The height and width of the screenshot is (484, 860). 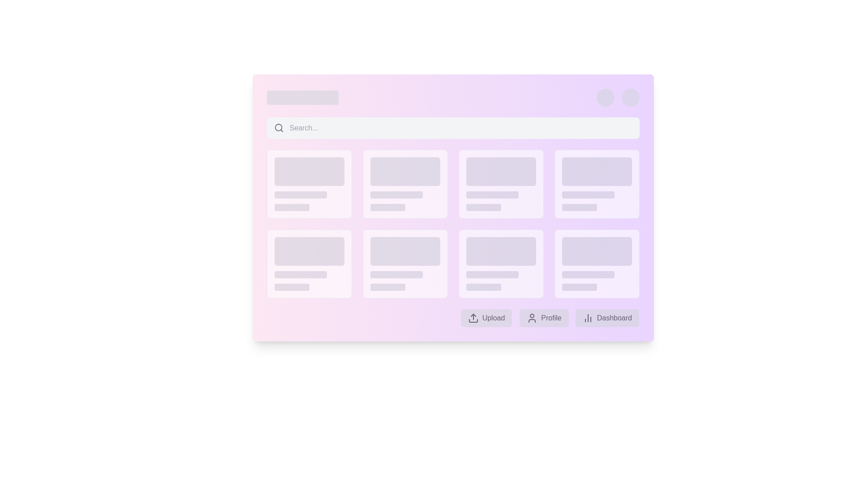 I want to click on the upload icon styled as an upward arrow within a square outline, so click(x=473, y=317).